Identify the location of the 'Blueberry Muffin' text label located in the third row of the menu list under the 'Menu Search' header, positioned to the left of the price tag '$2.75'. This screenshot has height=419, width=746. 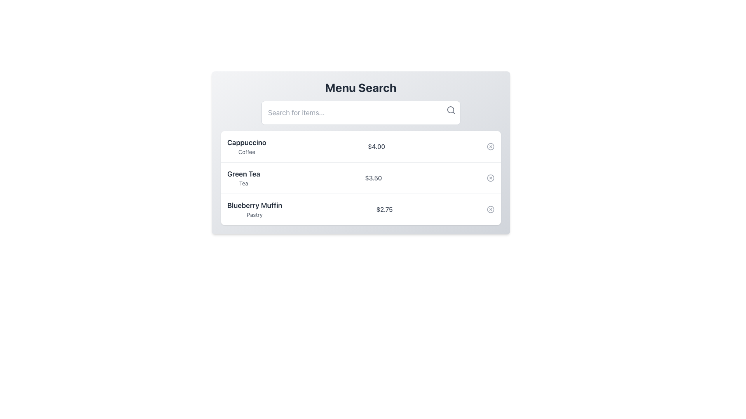
(254, 209).